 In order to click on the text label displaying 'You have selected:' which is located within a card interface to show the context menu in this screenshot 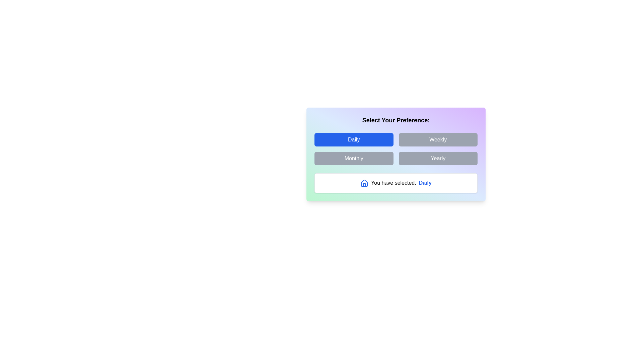, I will do `click(394, 182)`.